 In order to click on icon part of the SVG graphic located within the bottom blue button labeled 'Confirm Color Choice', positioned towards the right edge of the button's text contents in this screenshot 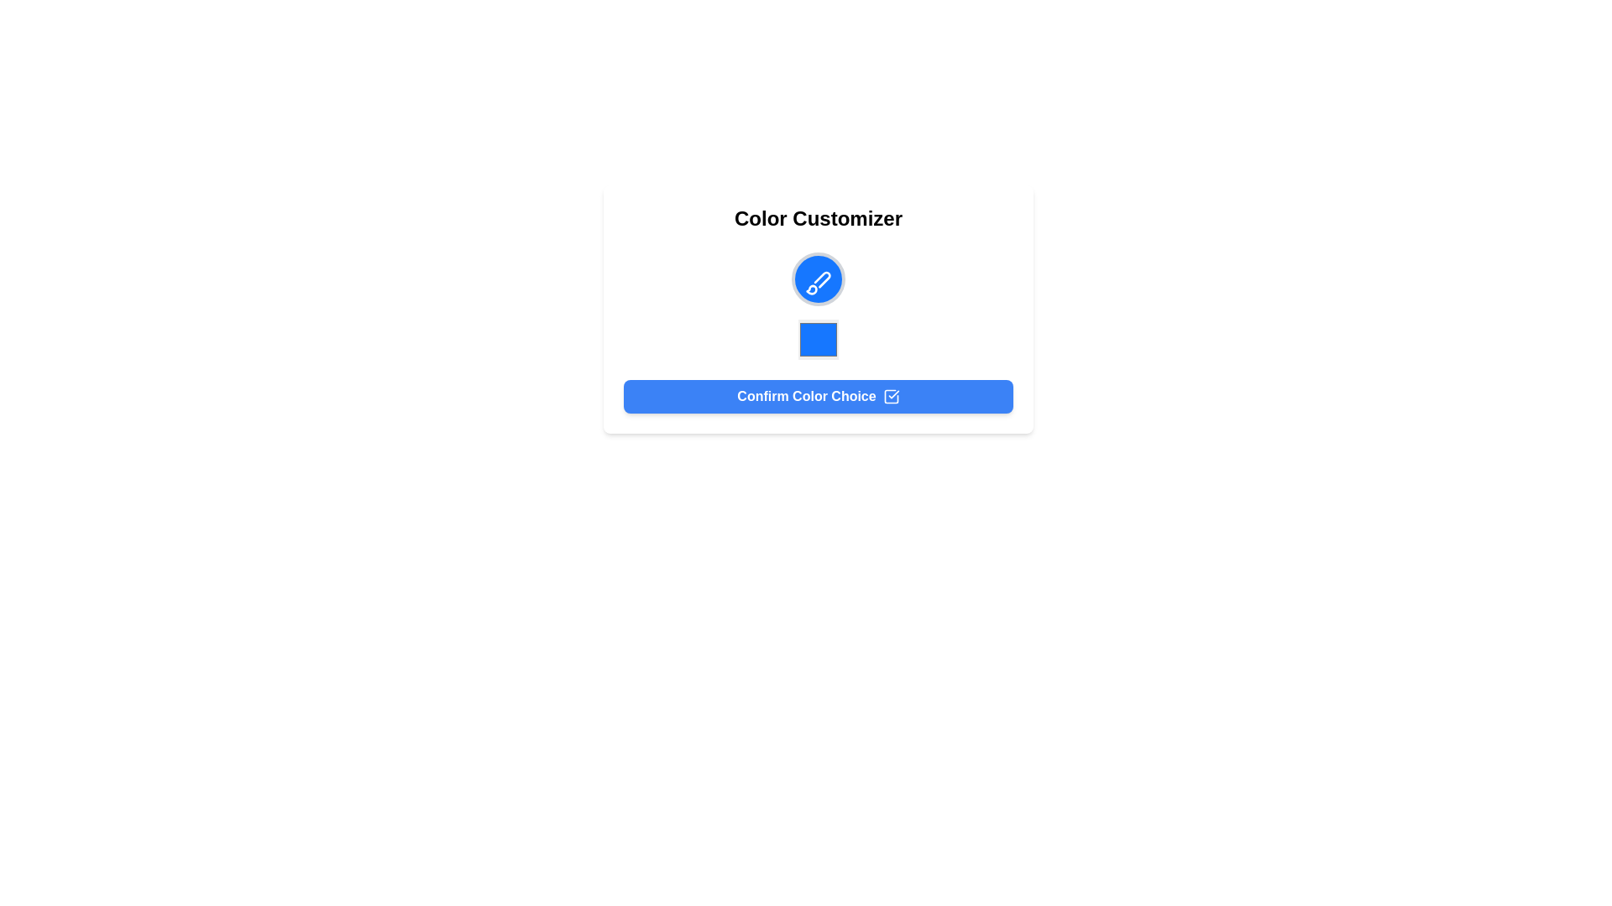, I will do `click(890, 397)`.